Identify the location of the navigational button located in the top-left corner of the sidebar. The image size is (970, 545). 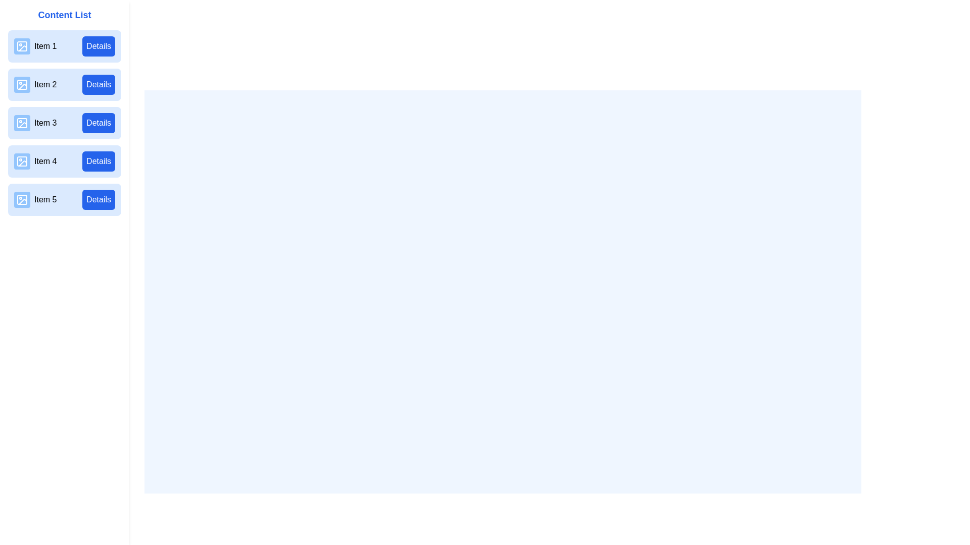
(20, 18).